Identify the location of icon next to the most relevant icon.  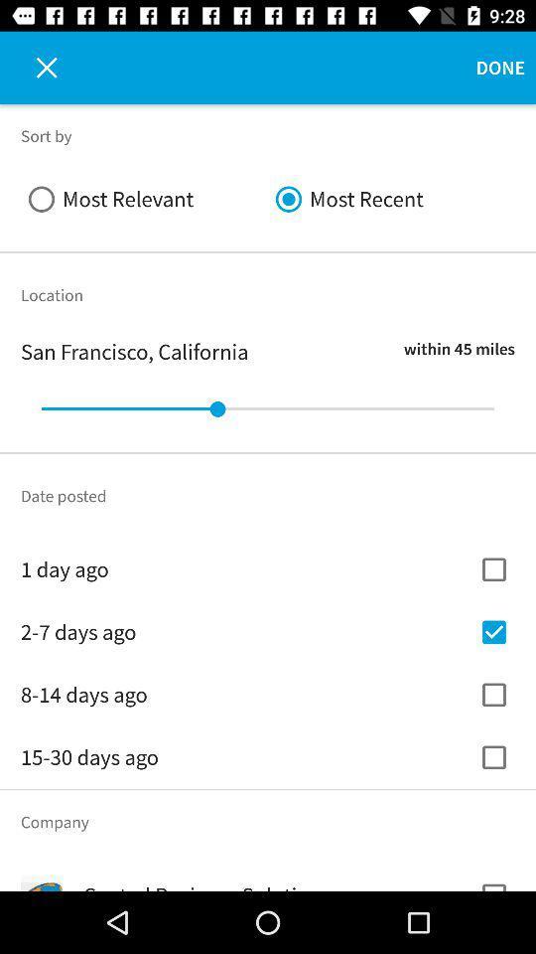
(391, 199).